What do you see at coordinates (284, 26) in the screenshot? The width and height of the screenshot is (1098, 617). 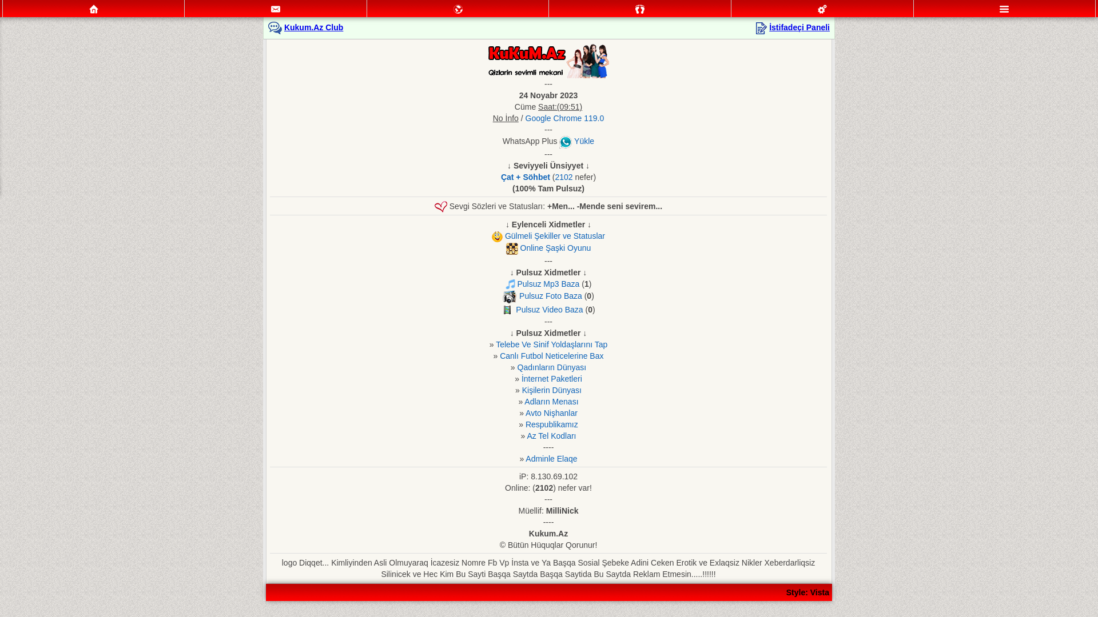 I see `'Kukum.Az Club'` at bounding box center [284, 26].